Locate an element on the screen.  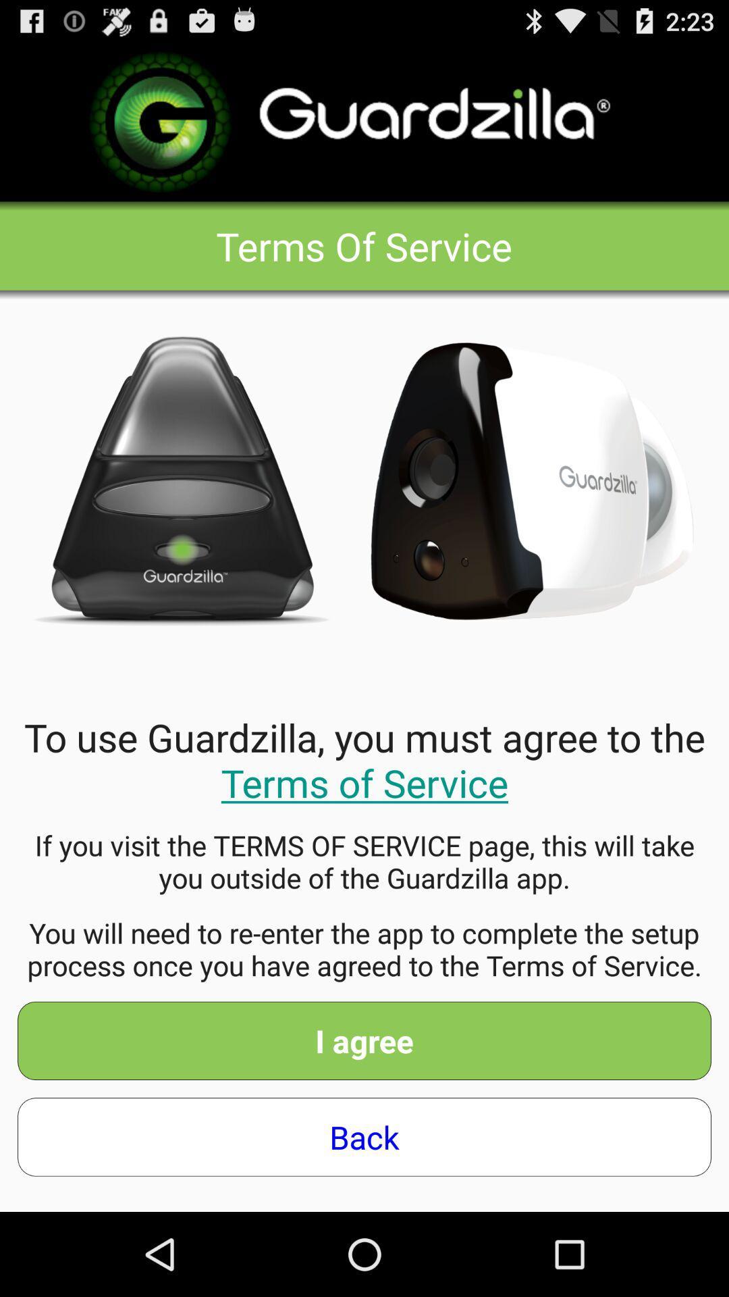
back app is located at coordinates (364, 1136).